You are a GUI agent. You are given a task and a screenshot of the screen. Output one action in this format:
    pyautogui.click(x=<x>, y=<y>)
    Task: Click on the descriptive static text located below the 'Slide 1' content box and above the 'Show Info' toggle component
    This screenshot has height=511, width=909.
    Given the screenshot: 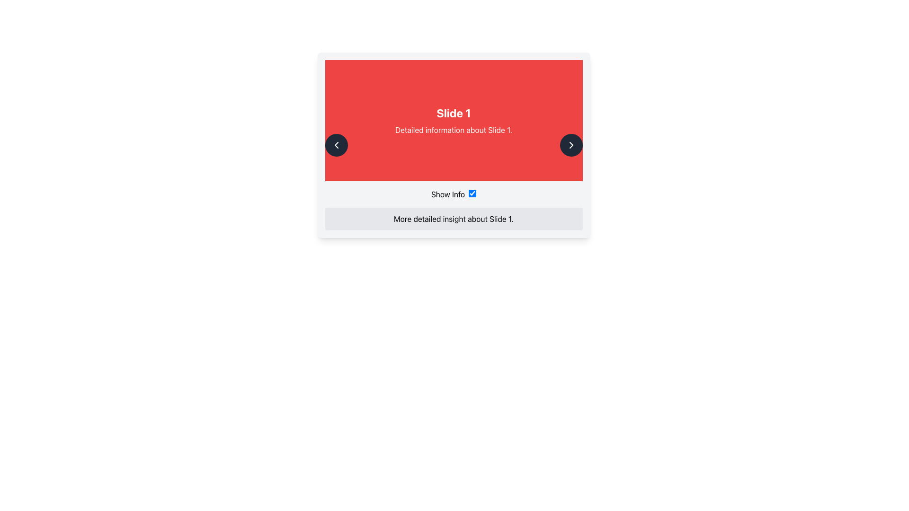 What is the action you would take?
    pyautogui.click(x=453, y=219)
    